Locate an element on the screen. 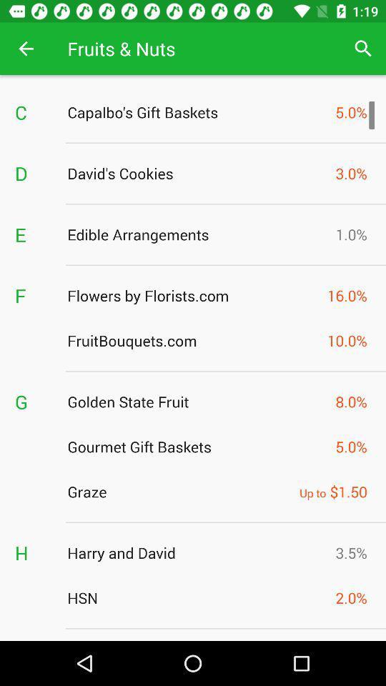 Image resolution: width=386 pixels, height=686 pixels. the icon next to harry and david item is located at coordinates (34, 552).